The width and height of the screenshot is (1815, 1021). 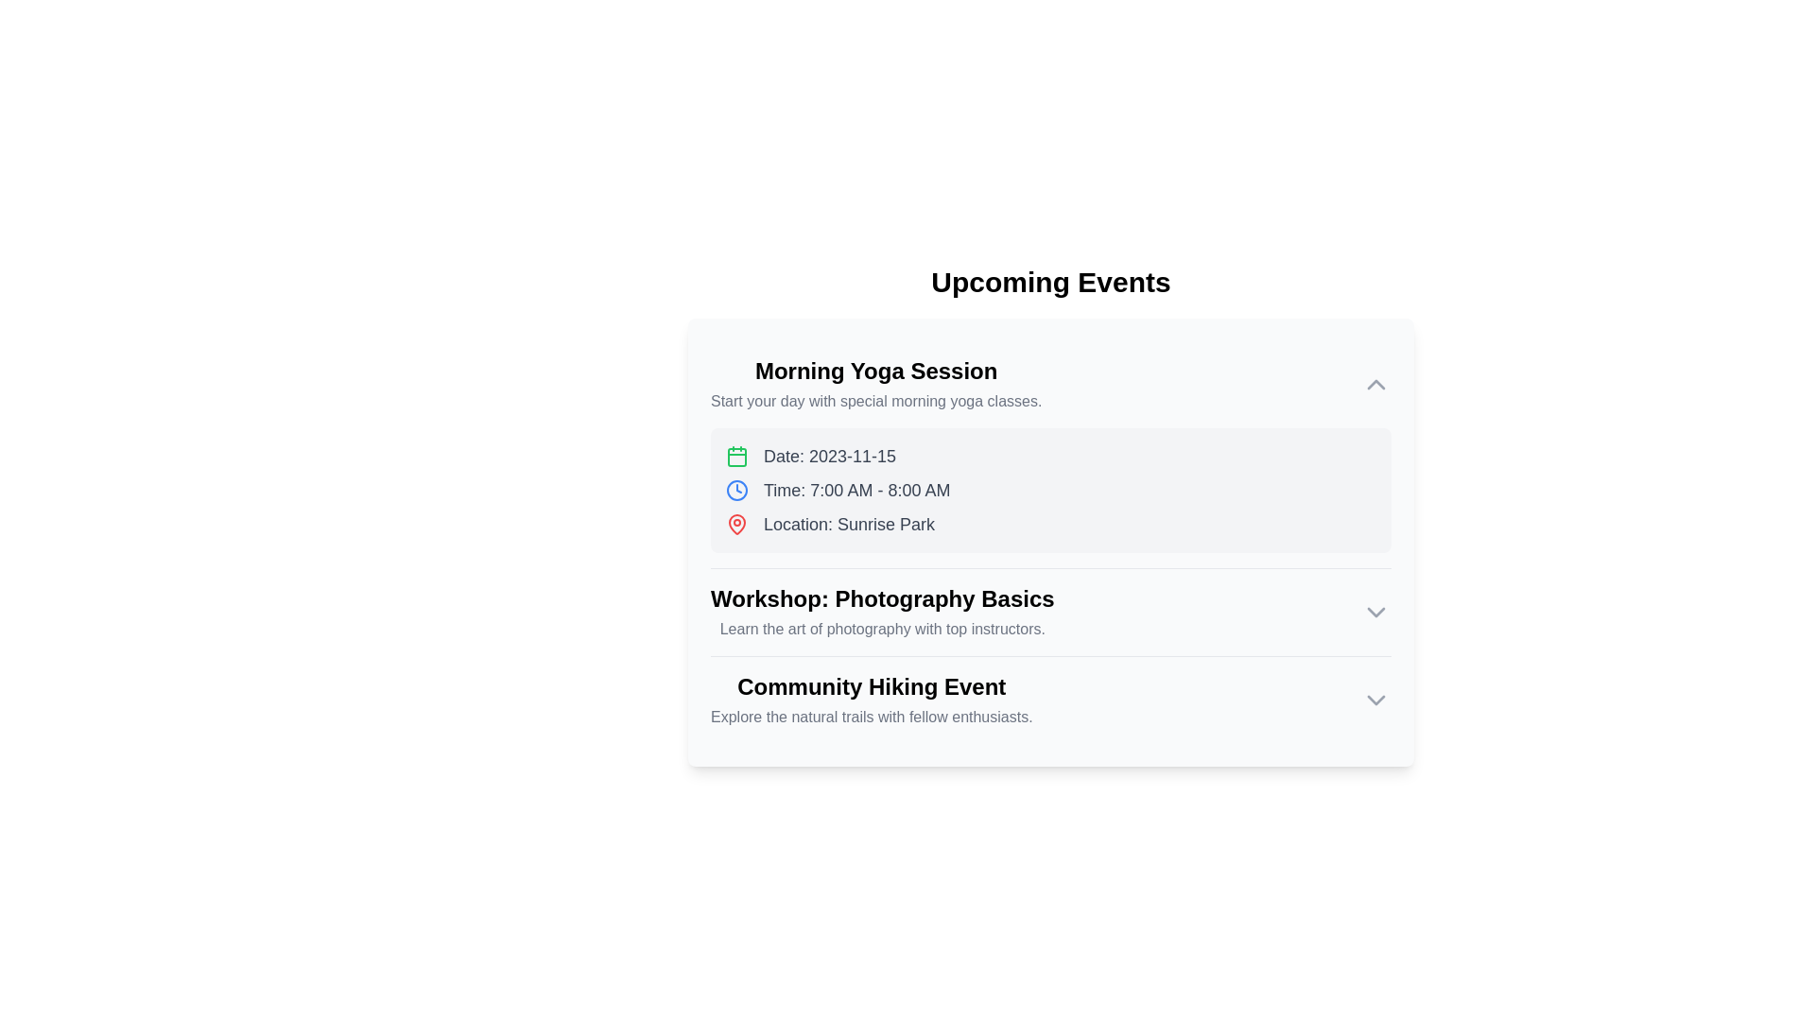 What do you see at coordinates (1050, 612) in the screenshot?
I see `the event display unit titled 'Photography Basics'` at bounding box center [1050, 612].